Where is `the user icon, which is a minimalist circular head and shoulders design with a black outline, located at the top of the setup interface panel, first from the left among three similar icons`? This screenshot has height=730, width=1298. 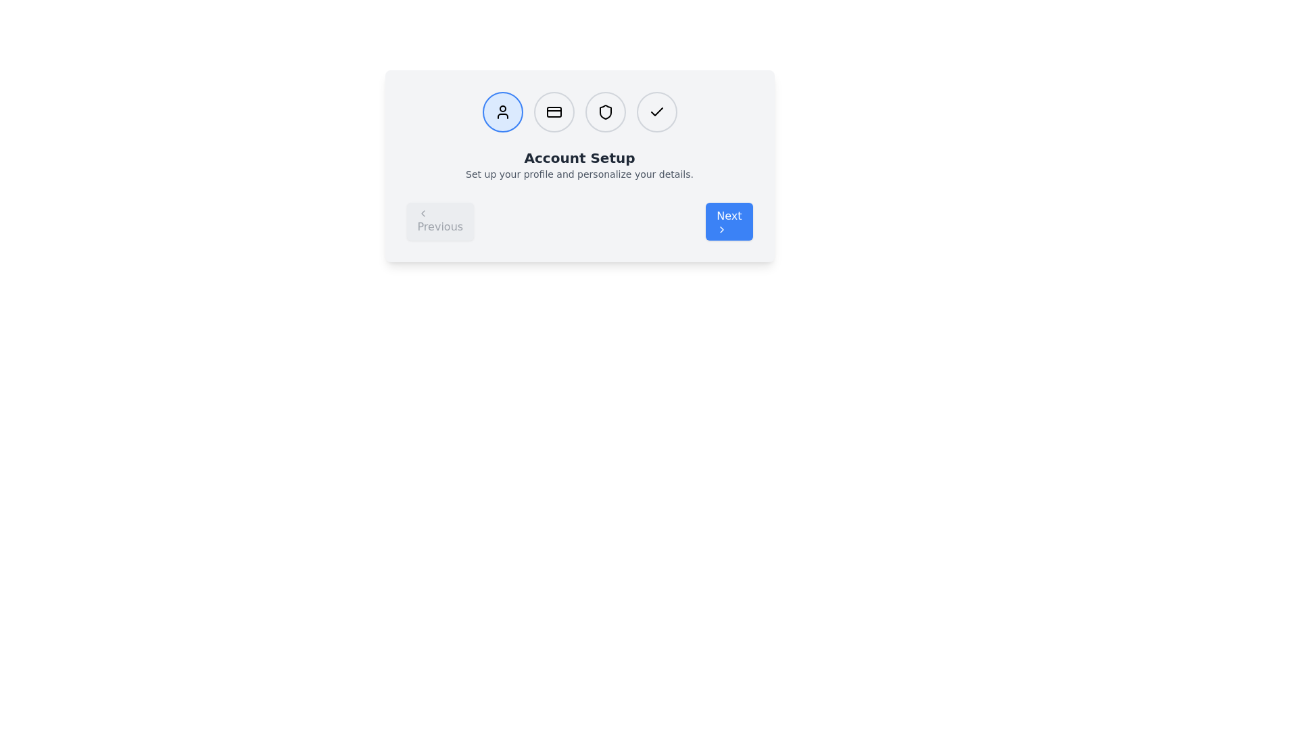
the user icon, which is a minimalist circular head and shoulders design with a black outline, located at the top of the setup interface panel, first from the left among three similar icons is located at coordinates (502, 111).